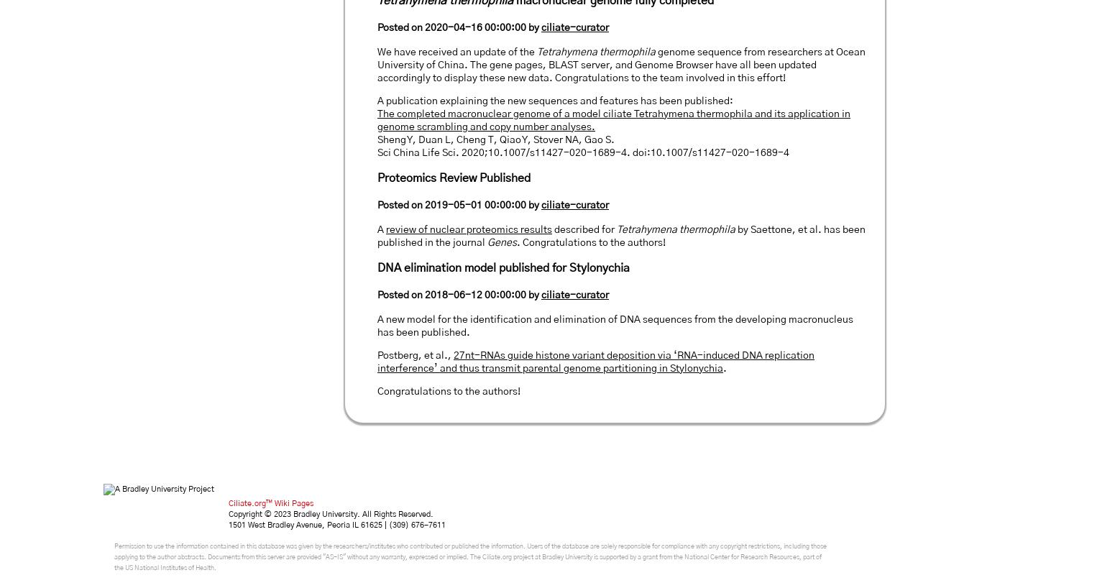 The height and width of the screenshot is (583, 1115). Describe the element at coordinates (502, 243) in the screenshot. I see `'Genes'` at that location.